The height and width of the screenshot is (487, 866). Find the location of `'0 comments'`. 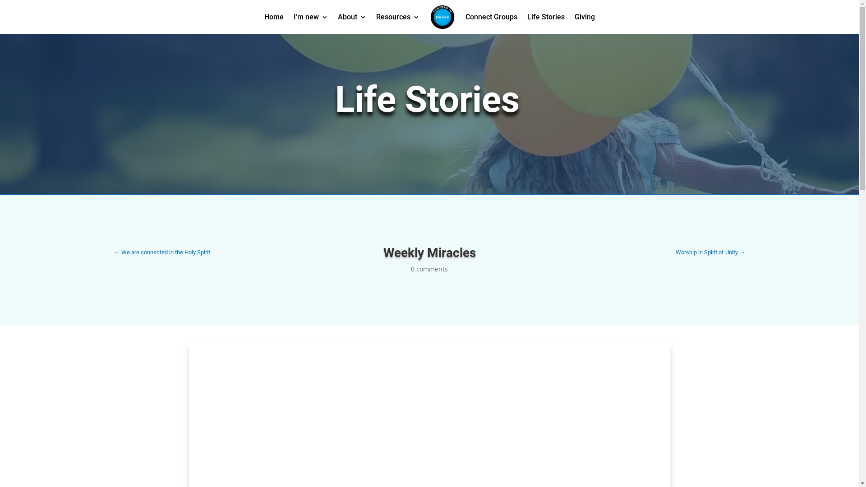

'0 comments' is located at coordinates (428, 268).